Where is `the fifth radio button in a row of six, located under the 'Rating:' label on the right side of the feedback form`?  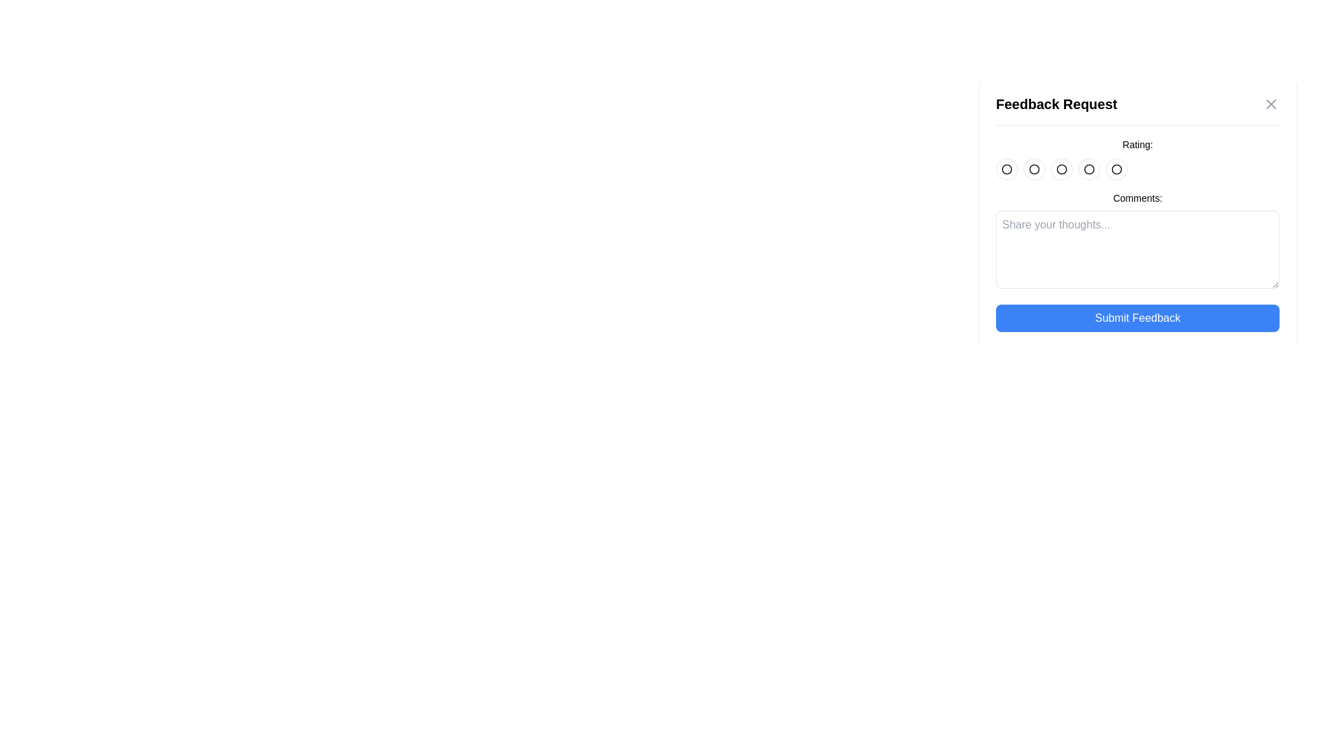 the fifth radio button in a row of six, located under the 'Rating:' label on the right side of the feedback form is located at coordinates (1089, 168).